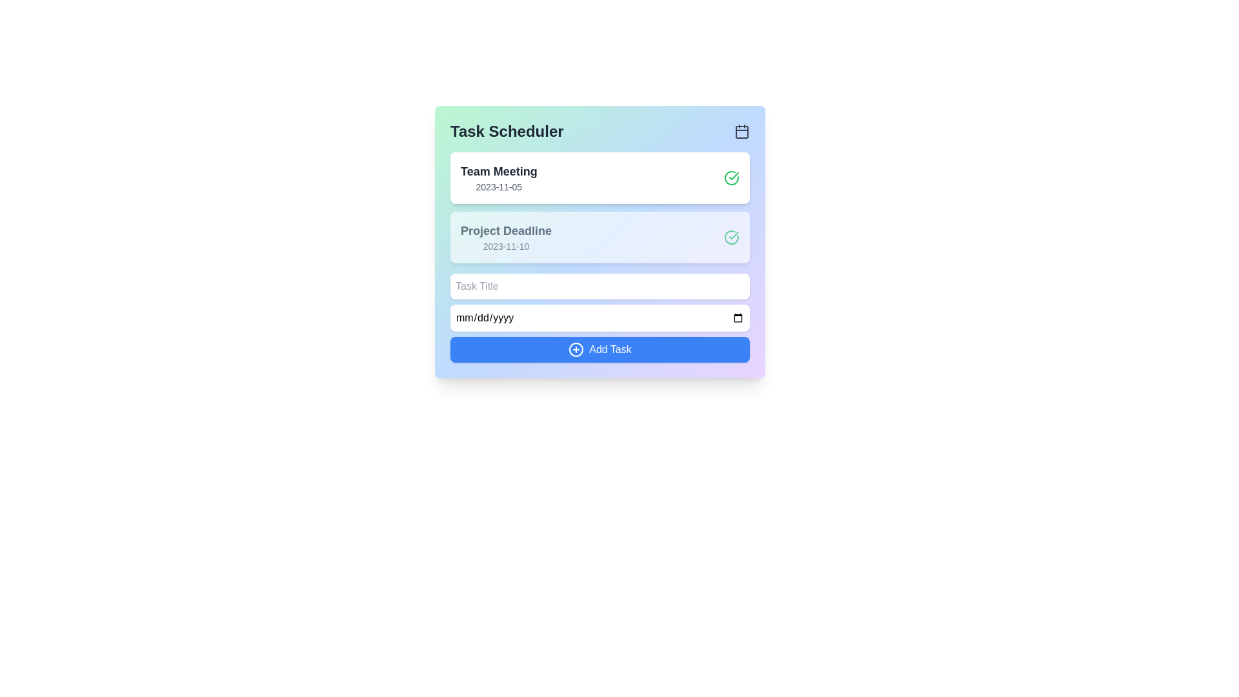  Describe the element at coordinates (498, 171) in the screenshot. I see `the static text label displaying 'Team Meeting', which is prominently positioned near the top of the task scheduling interface, above the date '2023-11-05'` at that location.